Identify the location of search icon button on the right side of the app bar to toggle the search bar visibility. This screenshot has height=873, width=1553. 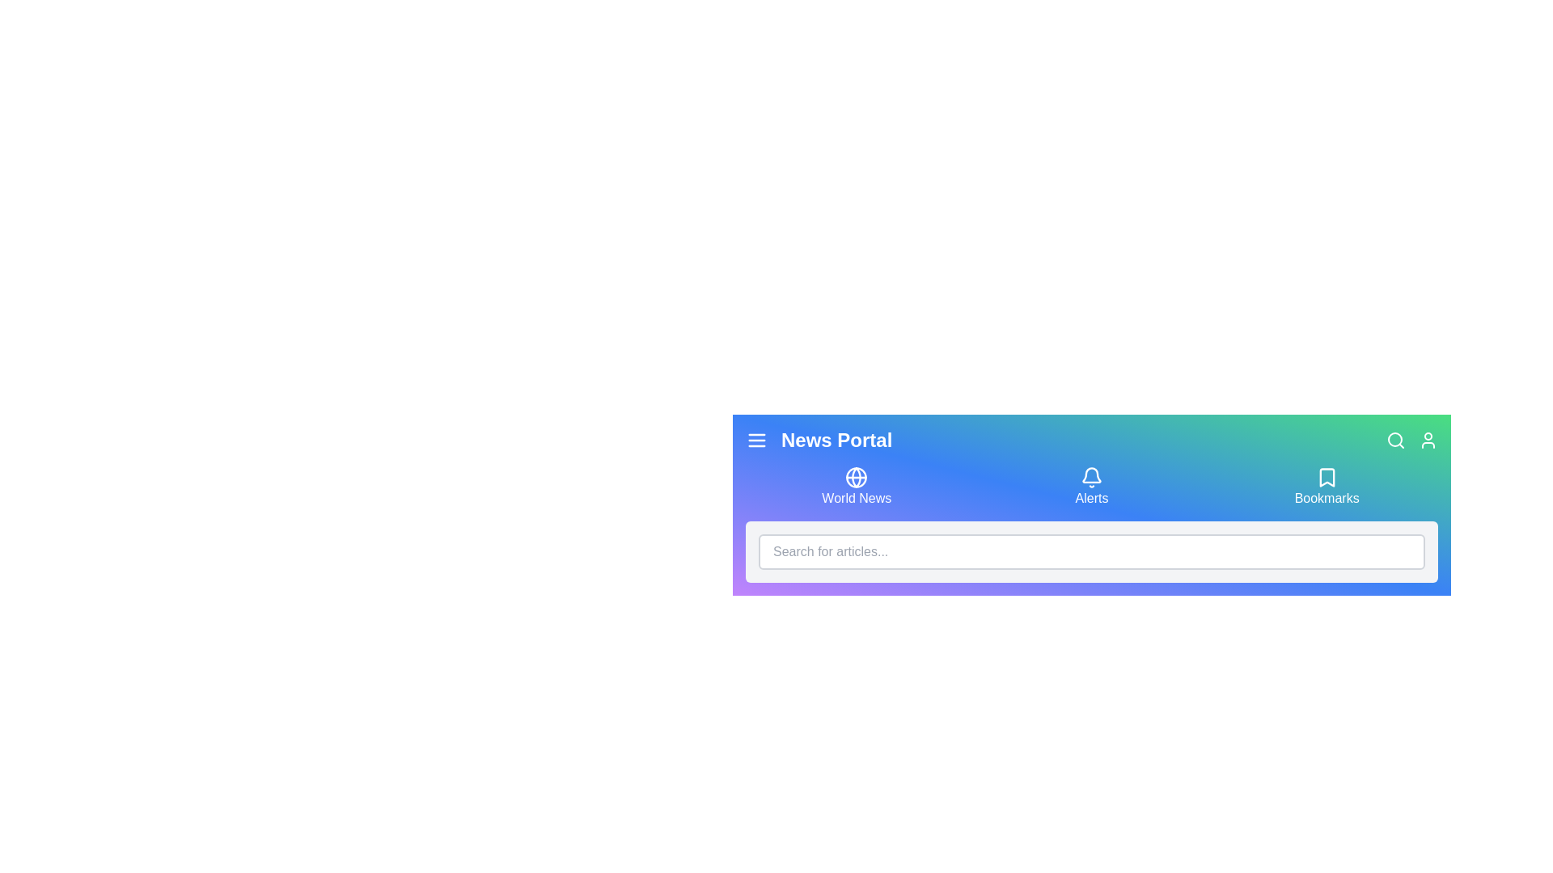
(1395, 440).